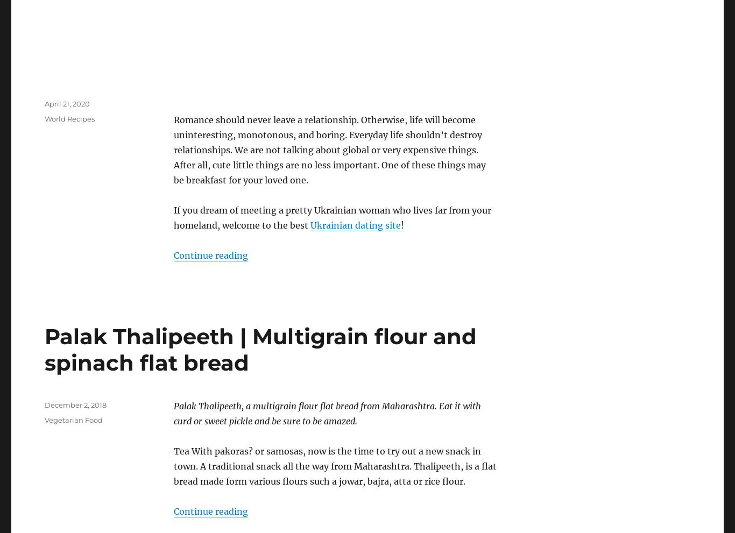 The width and height of the screenshot is (735, 533). Describe the element at coordinates (355, 225) in the screenshot. I see `'Ukrainian dating site'` at that location.